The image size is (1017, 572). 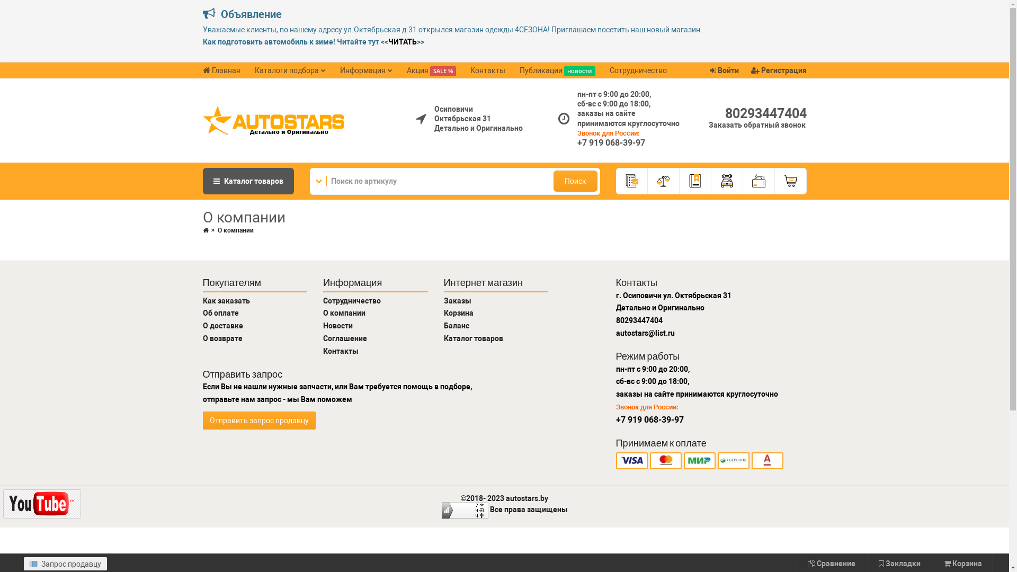 What do you see at coordinates (765, 113) in the screenshot?
I see `'80293447404'` at bounding box center [765, 113].